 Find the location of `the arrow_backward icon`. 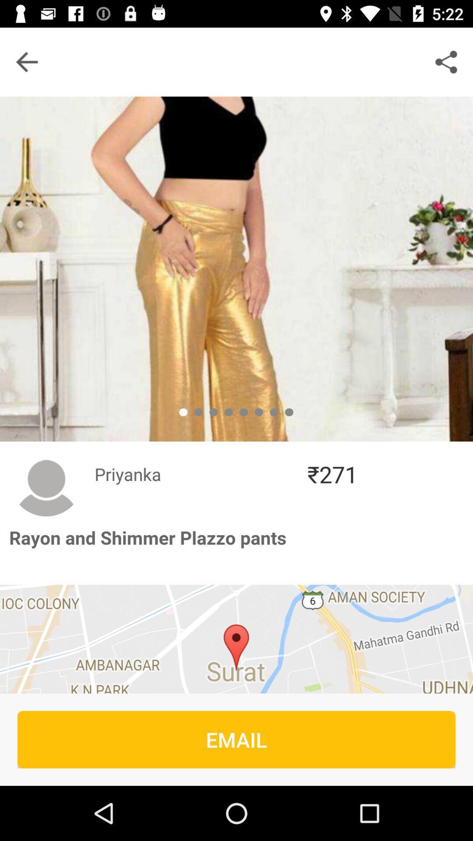

the arrow_backward icon is located at coordinates (26, 61).